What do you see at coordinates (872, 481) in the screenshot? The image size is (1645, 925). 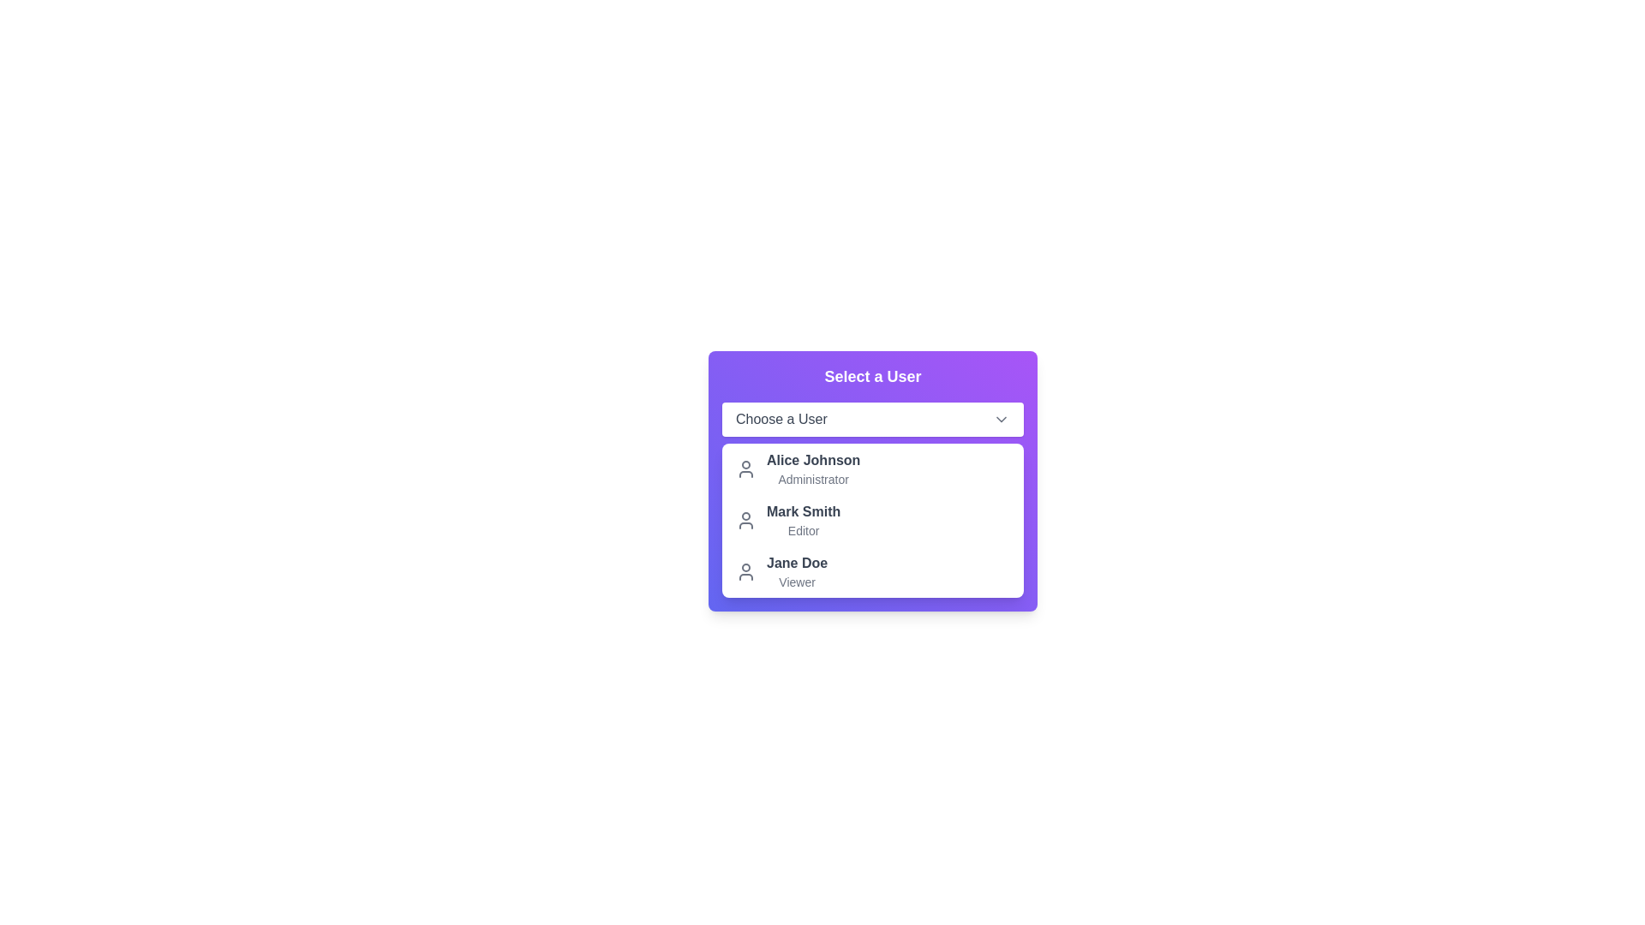 I see `the user card for 'Alice Johnson' with the role 'Administrator'` at bounding box center [872, 481].